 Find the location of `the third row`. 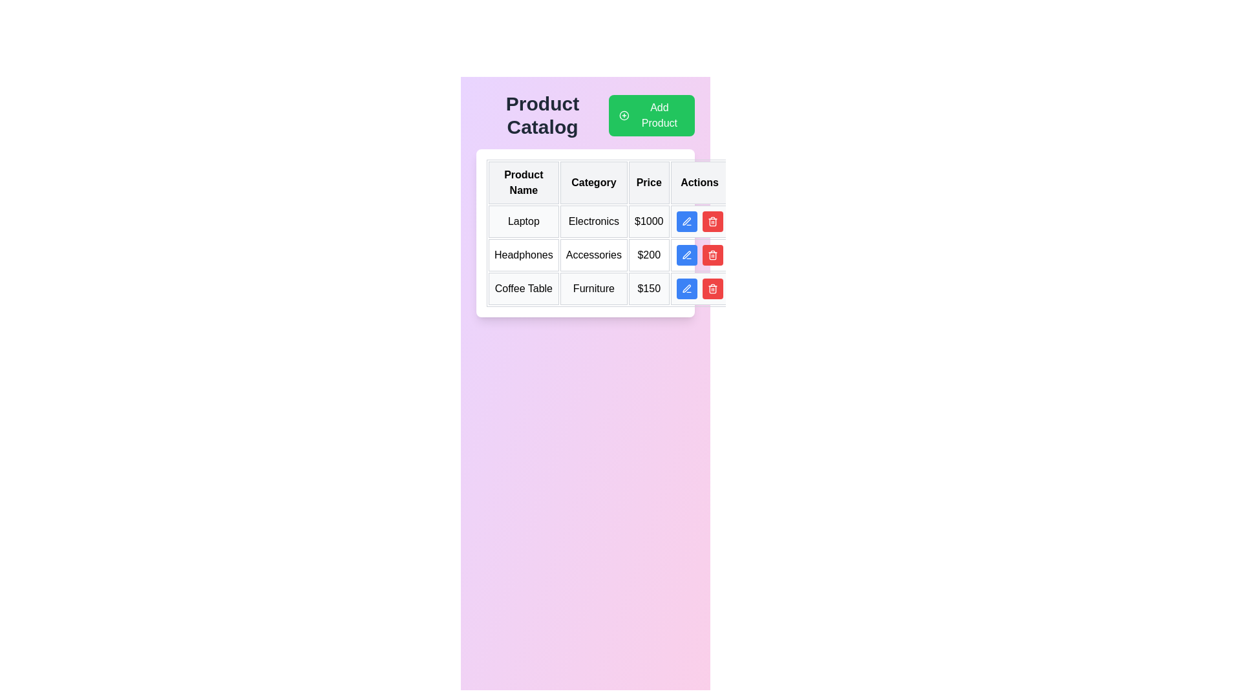

the third row is located at coordinates (608, 288).